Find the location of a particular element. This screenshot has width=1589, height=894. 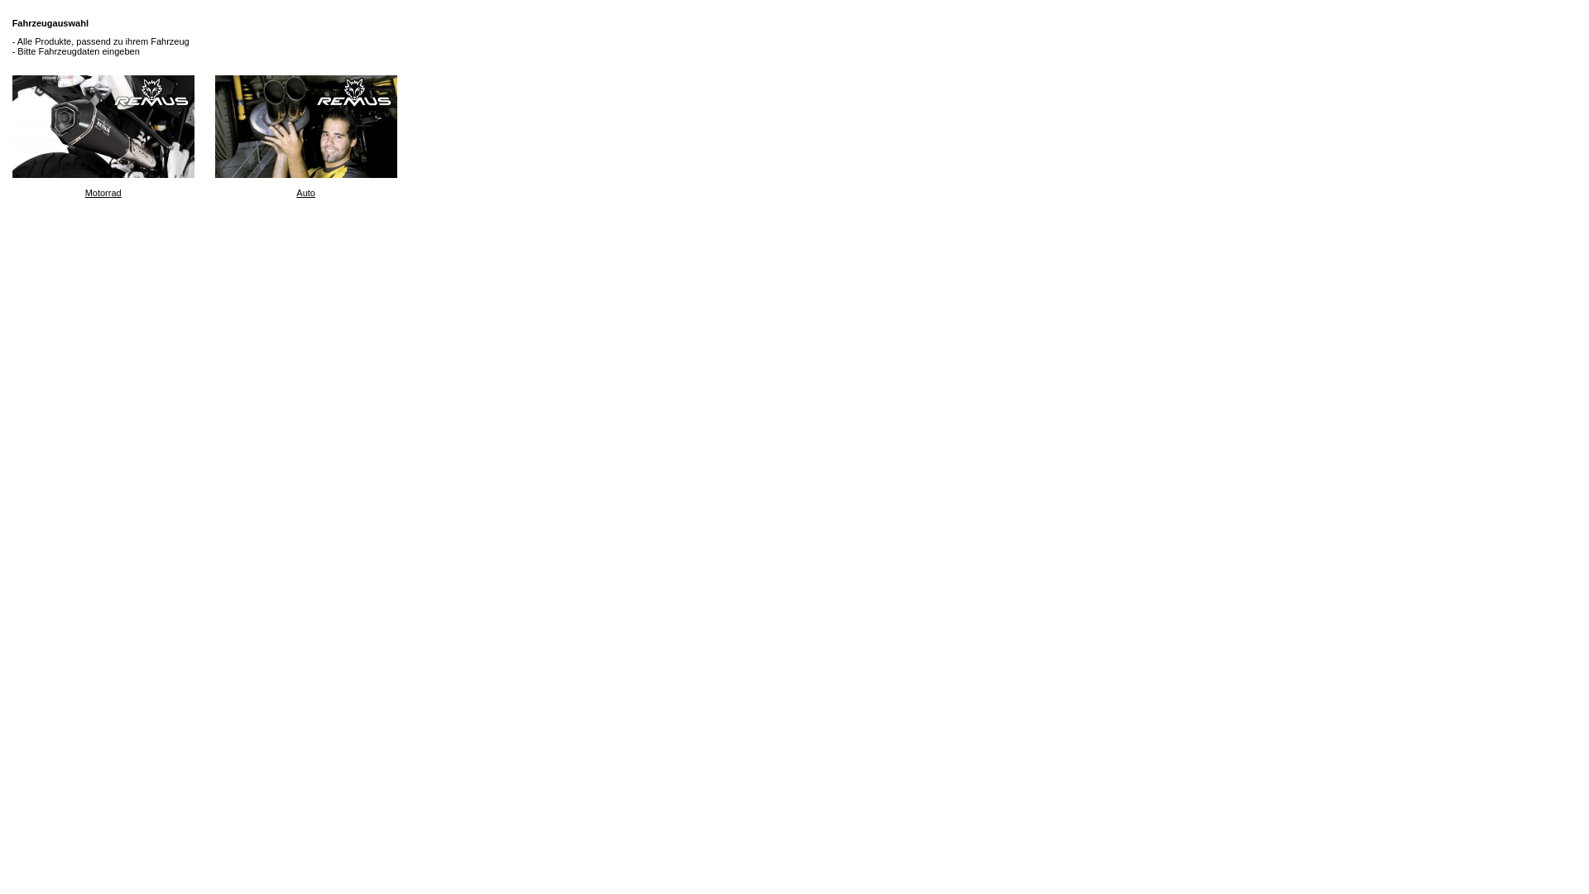

'Motorrad' is located at coordinates (12, 126).